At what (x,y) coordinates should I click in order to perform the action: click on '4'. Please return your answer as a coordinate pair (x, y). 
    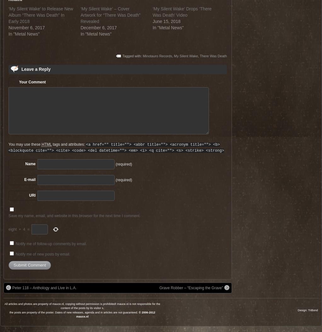
    Looking at the image, I should click on (24, 229).